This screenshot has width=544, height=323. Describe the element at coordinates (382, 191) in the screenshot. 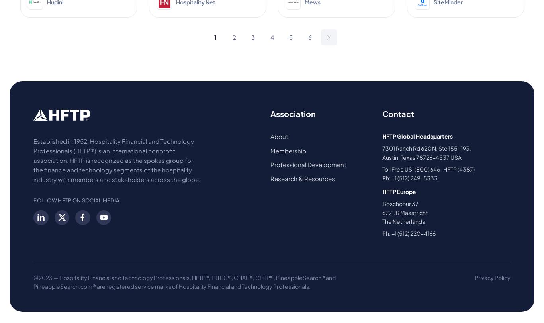

I see `'HFTP Europe'` at that location.